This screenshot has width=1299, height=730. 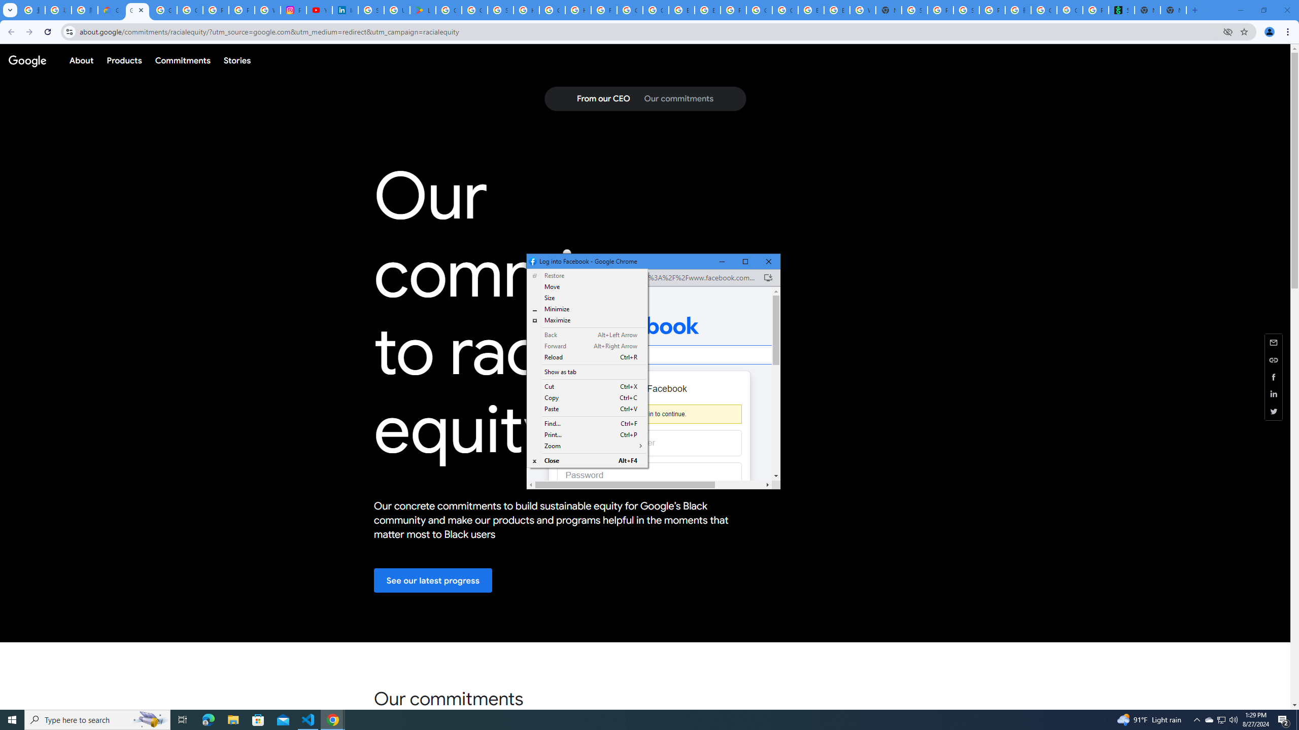 I want to click on 'Facebook', so click(x=649, y=325).